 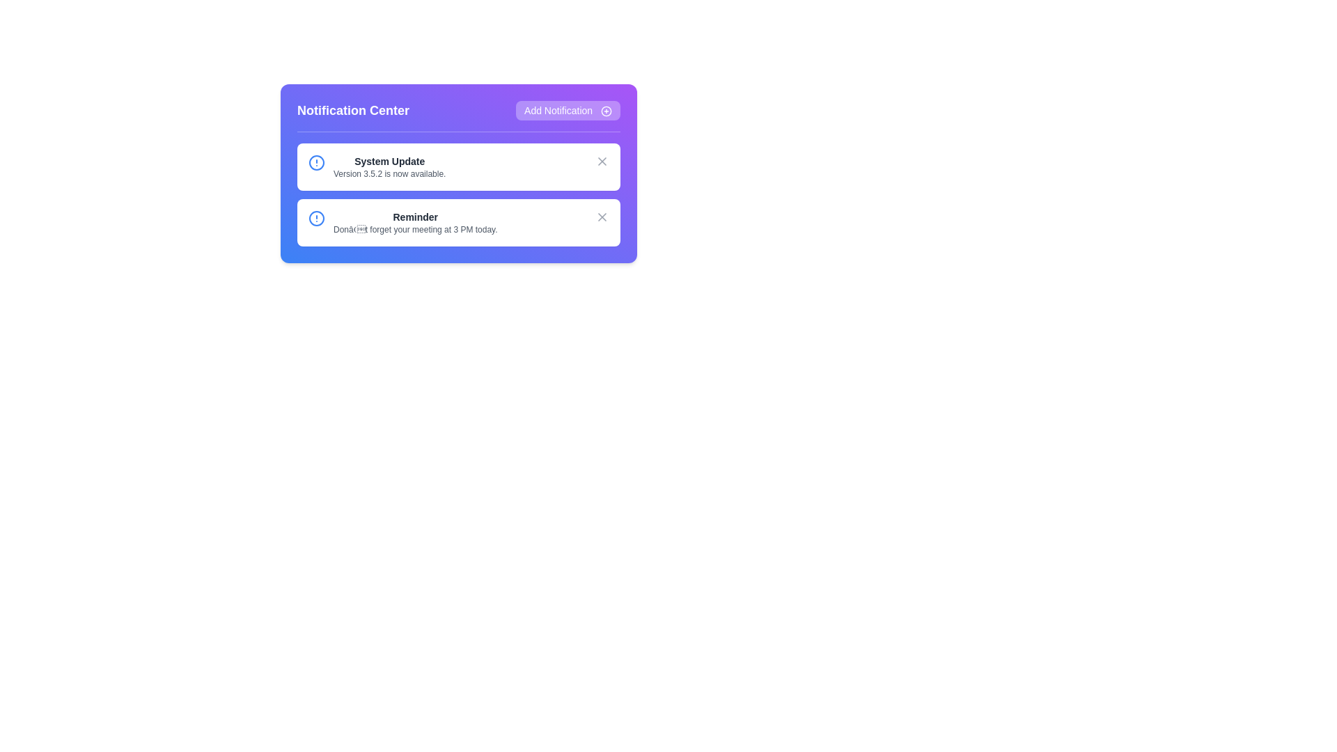 I want to click on the circular icon within the 'Add Notification' button located in the top-right corner of the 'Notification Center' dialog box, so click(x=606, y=110).